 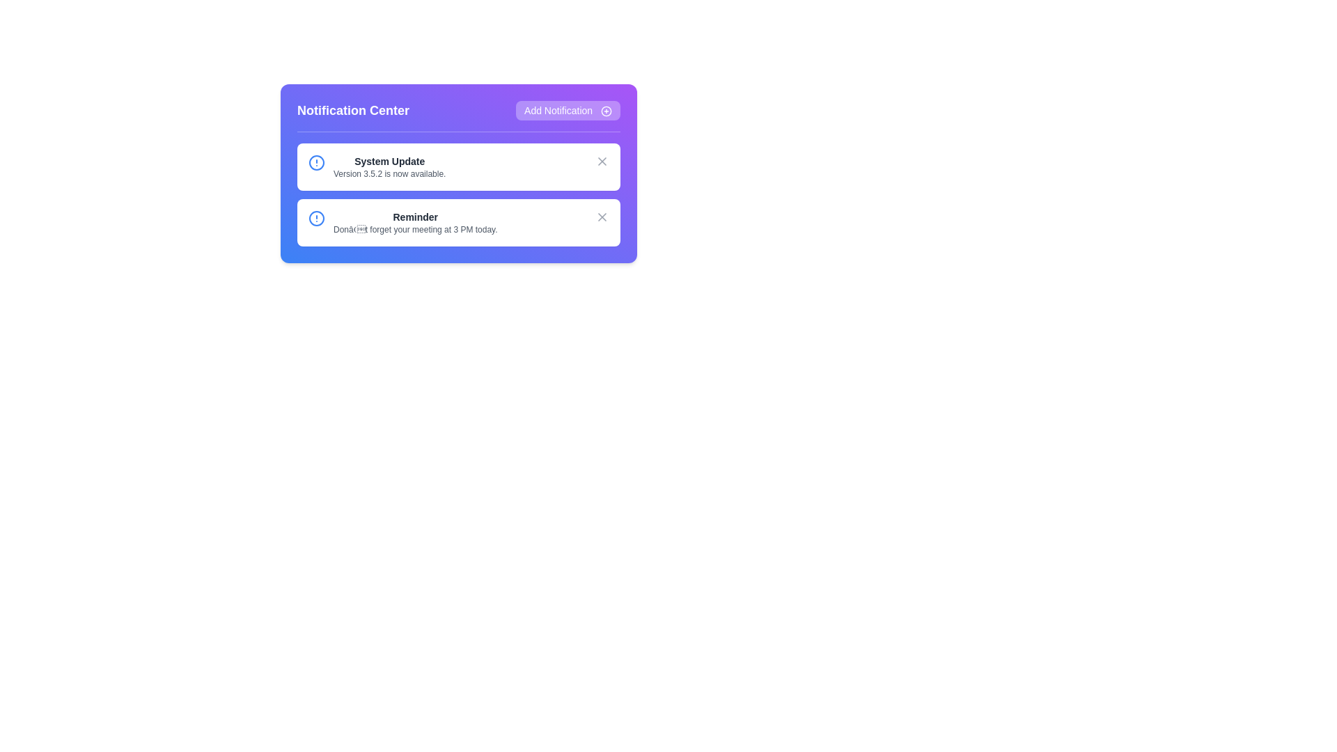 I want to click on the circular icon within the 'Add Notification' button located in the top-right corner of the 'Notification Center' dialog box, so click(x=606, y=110).